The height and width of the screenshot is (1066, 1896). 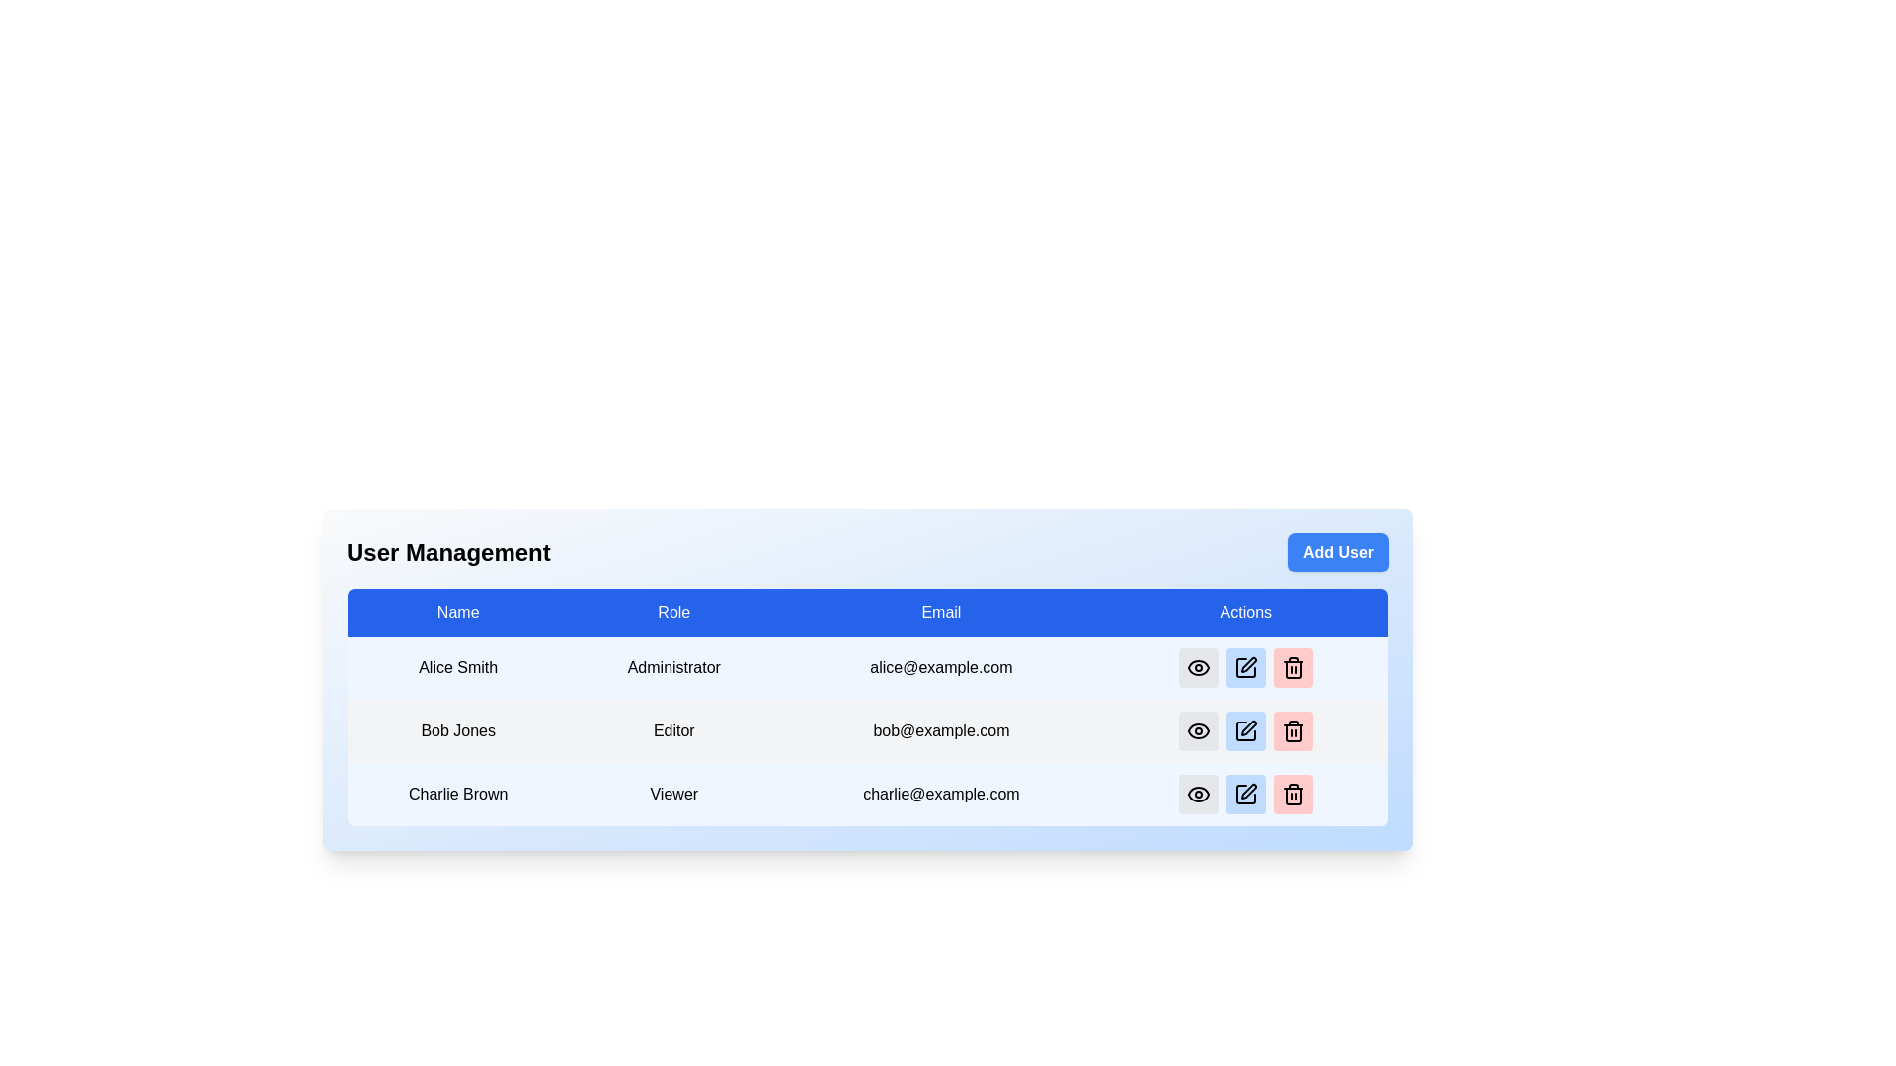 What do you see at coordinates (1293, 730) in the screenshot?
I see `the delete button for user Bob Jones, which is the third action button in the rightmost column of the user management table in the second row` at bounding box center [1293, 730].